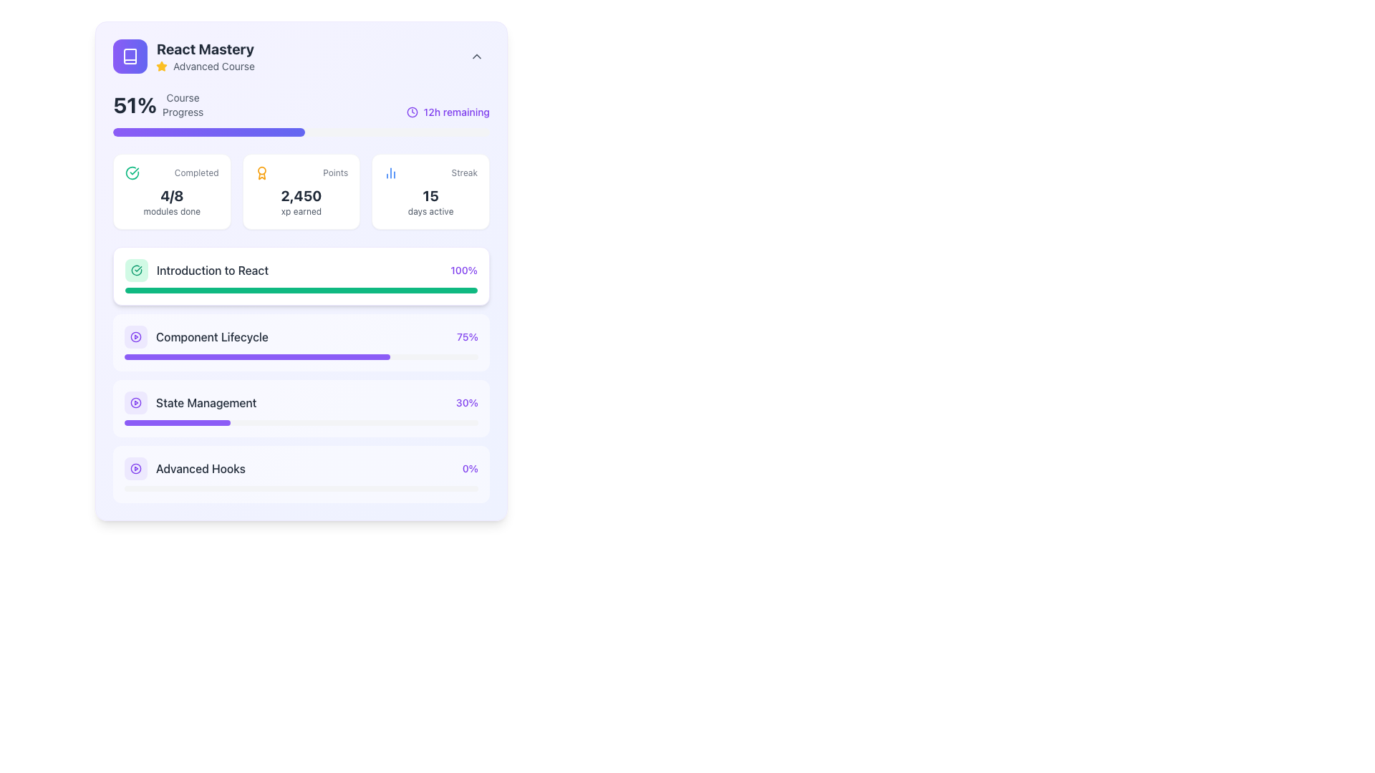 The image size is (1375, 773). I want to click on the text element featuring 'React Mastery' and its subtext 'Advanced Course' with a yellow star icon, located in the top-left section of a card layout, so click(205, 55).